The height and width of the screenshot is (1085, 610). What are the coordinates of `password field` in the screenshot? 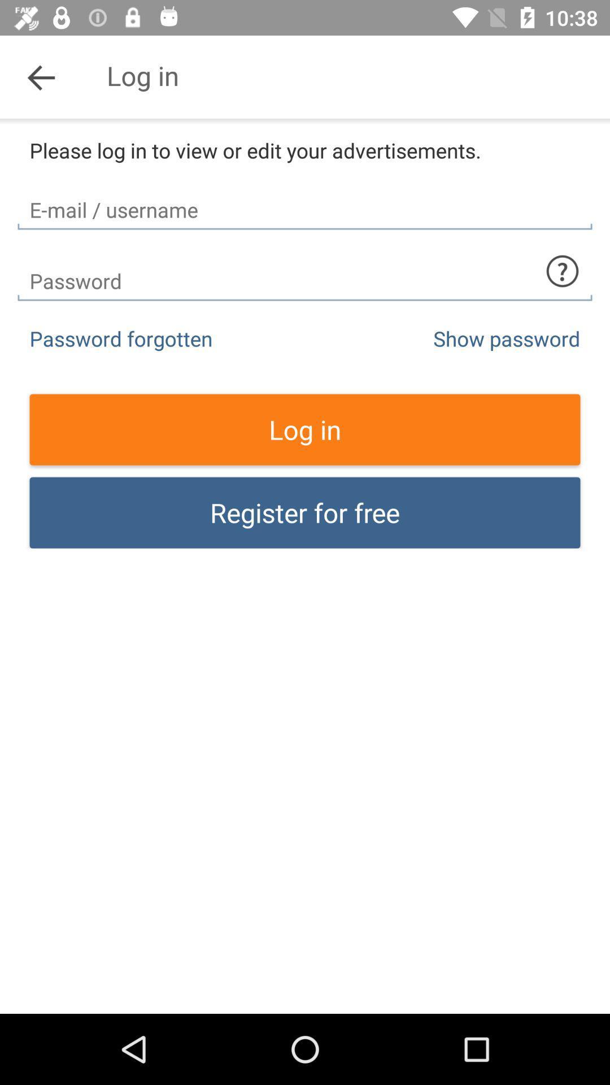 It's located at (305, 271).